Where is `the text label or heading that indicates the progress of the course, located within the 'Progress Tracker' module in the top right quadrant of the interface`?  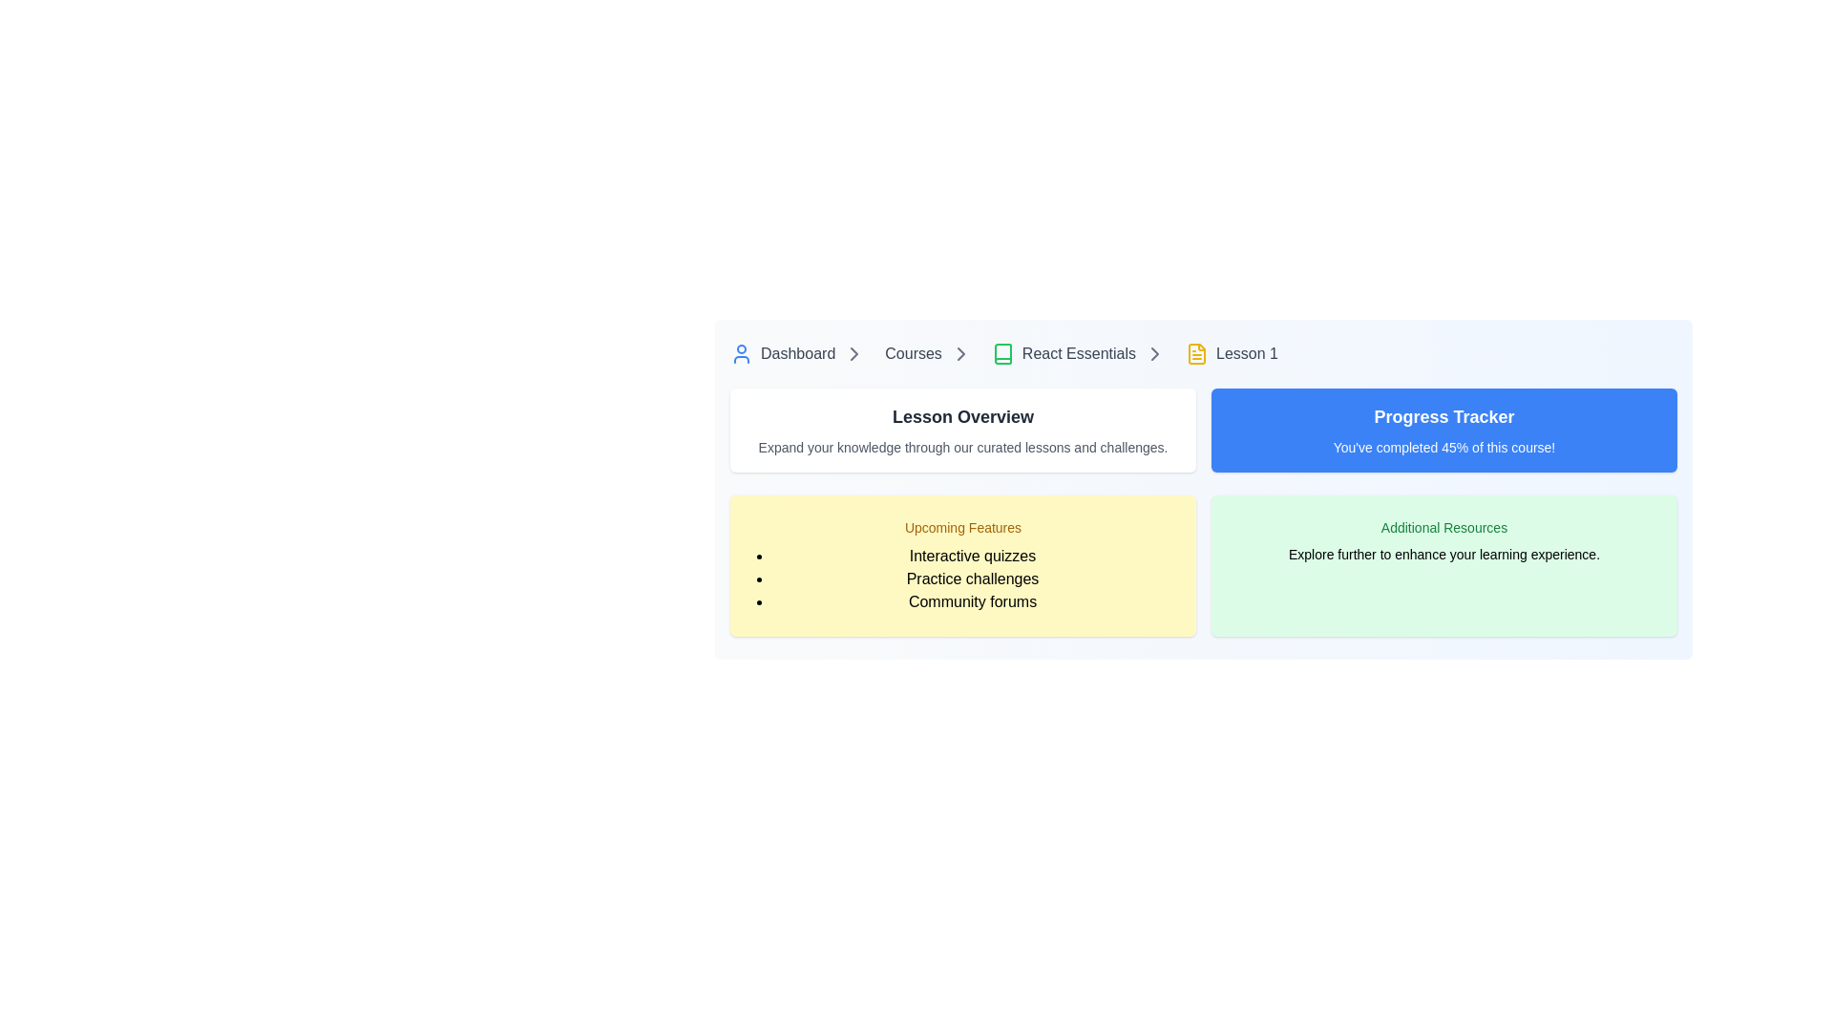
the text label or heading that indicates the progress of the course, located within the 'Progress Tracker' module in the top right quadrant of the interface is located at coordinates (1443, 415).